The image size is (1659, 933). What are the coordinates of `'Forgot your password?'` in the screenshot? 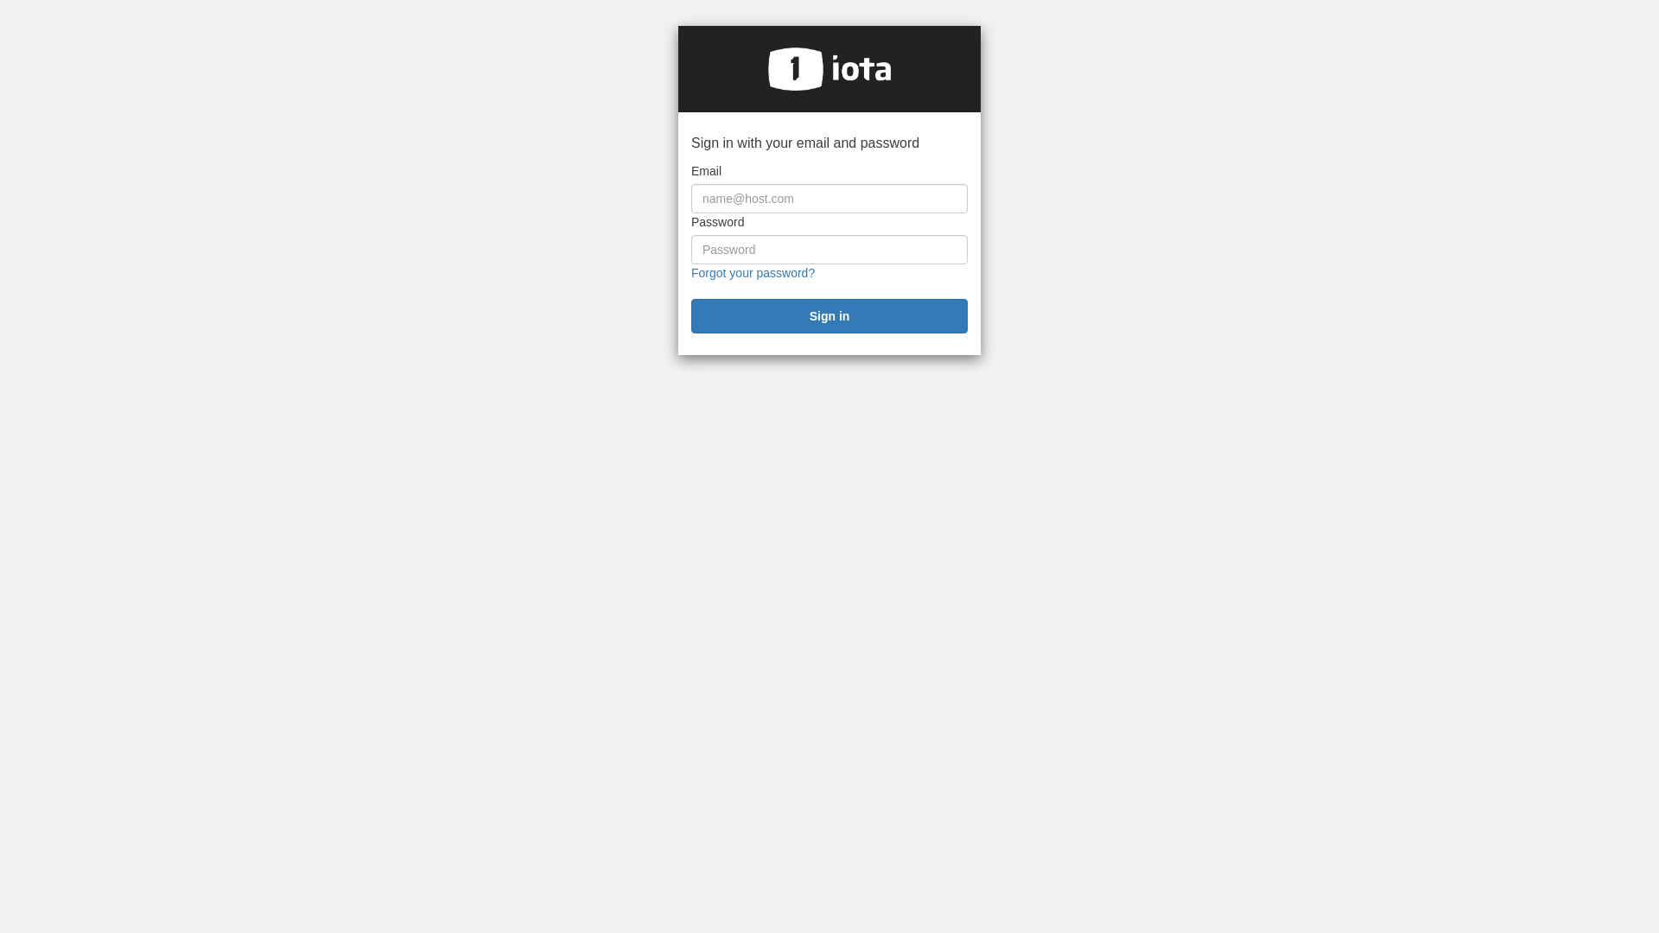 It's located at (753, 272).